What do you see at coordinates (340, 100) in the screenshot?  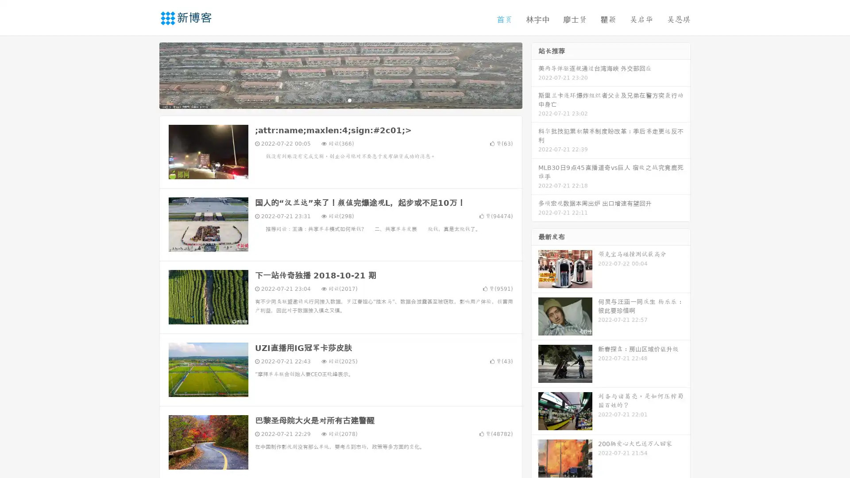 I see `Go to slide 2` at bounding box center [340, 100].